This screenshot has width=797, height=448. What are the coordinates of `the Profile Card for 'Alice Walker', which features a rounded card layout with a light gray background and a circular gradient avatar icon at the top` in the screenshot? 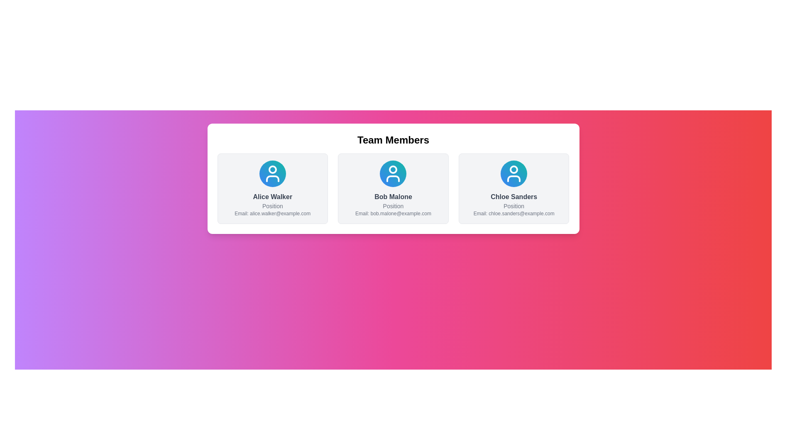 It's located at (272, 189).